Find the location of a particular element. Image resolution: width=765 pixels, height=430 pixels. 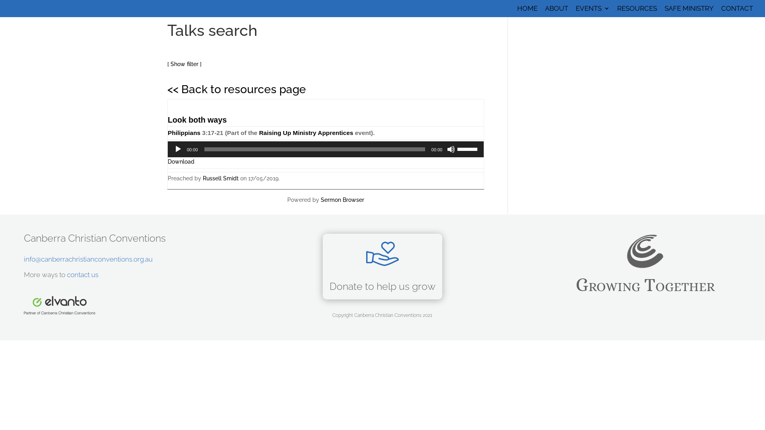

'SAFE MINISTRY' is located at coordinates (688, 11).